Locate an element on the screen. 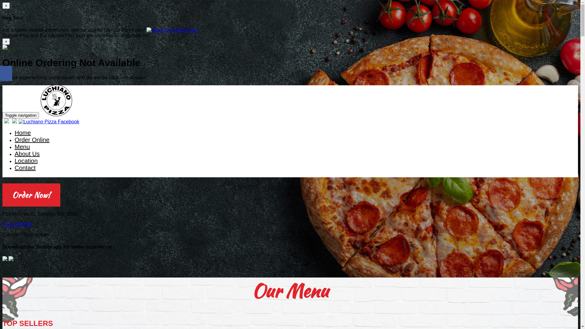 The image size is (585, 329). 'Home' is located at coordinates (15, 133).